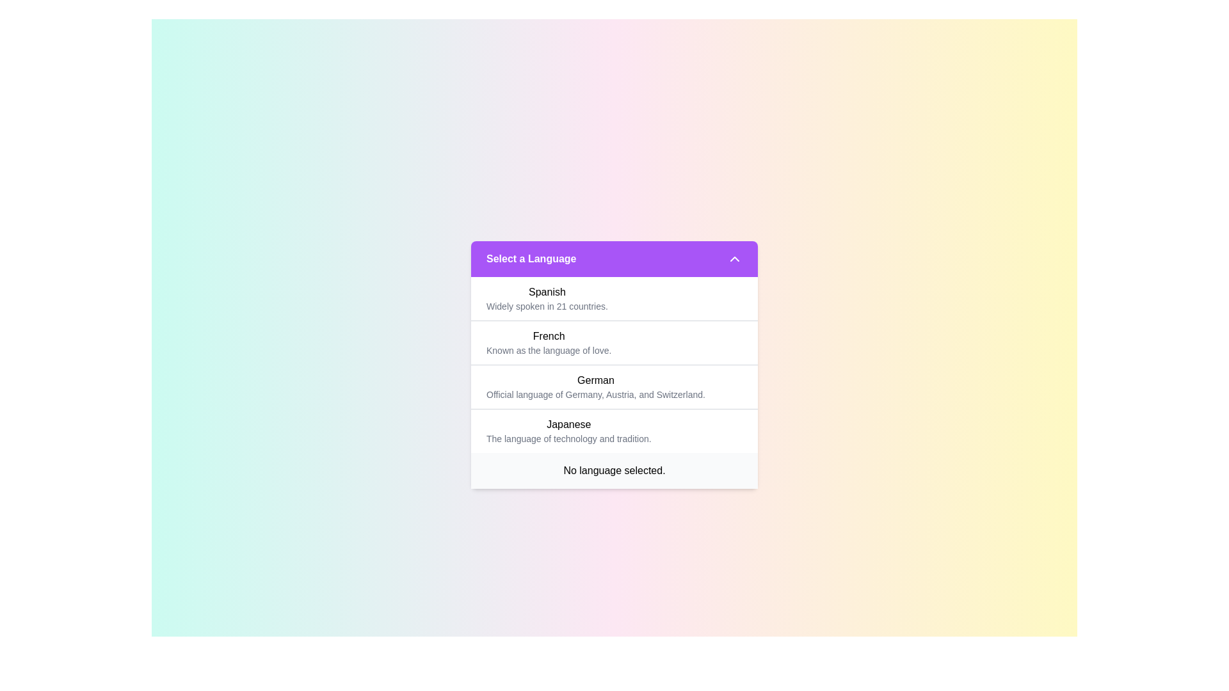  I want to click on the upward-pointing chevron icon with a white border located in the purple header section next to the text 'Select a Language', so click(734, 258).